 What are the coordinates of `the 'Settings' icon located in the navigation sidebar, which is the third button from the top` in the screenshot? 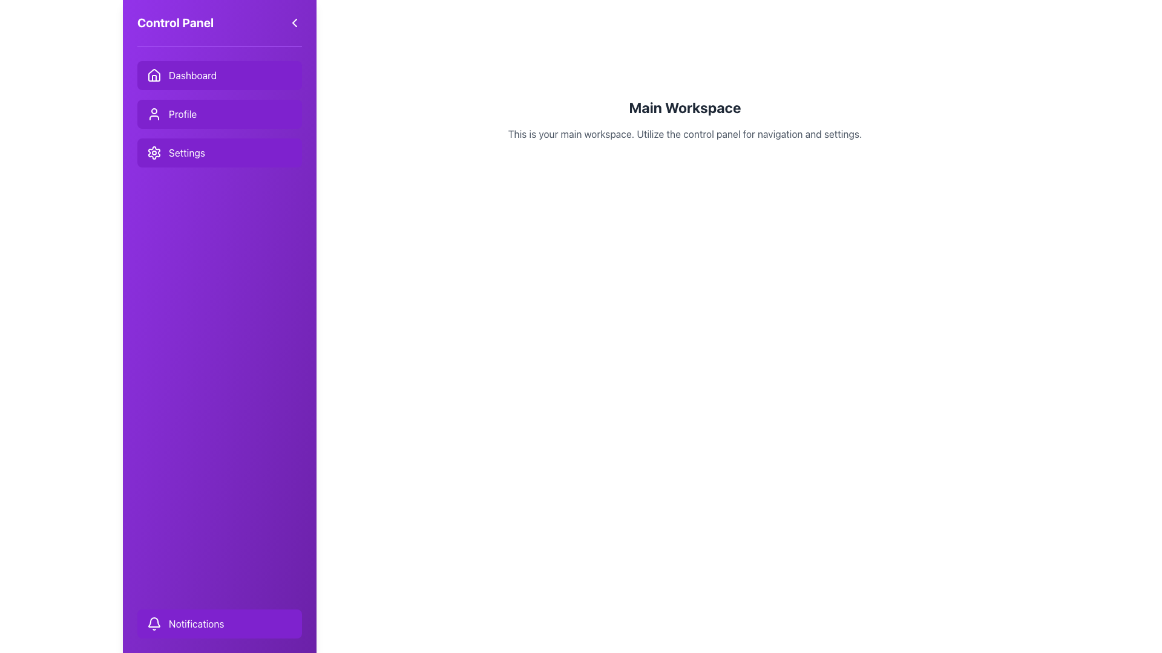 It's located at (153, 152).